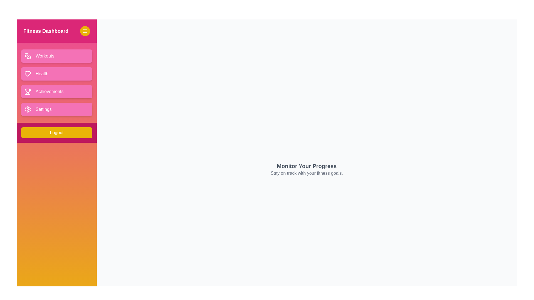 Image resolution: width=534 pixels, height=300 pixels. Describe the element at coordinates (85, 31) in the screenshot. I see `the close button in the drawer header to toggle the drawer state` at that location.